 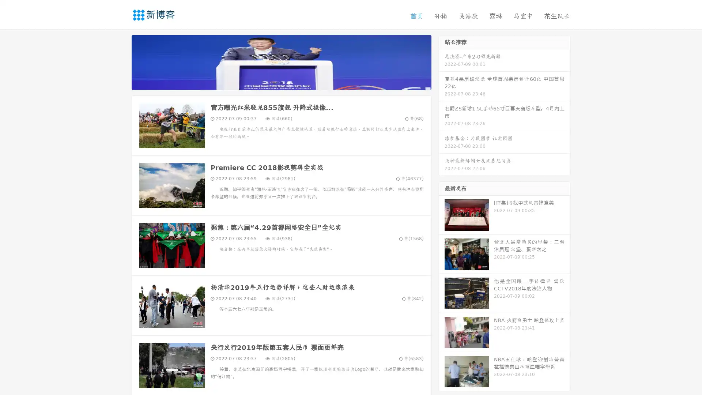 I want to click on Go to slide 3, so click(x=288, y=82).